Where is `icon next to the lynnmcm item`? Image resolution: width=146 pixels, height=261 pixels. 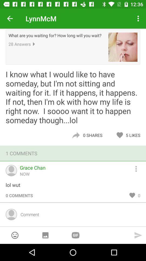 icon next to the lynnmcm item is located at coordinates (10, 18).